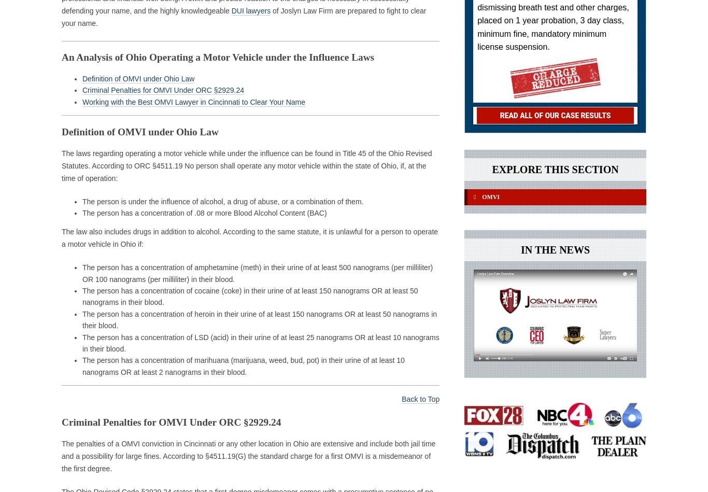 Image resolution: width=708 pixels, height=492 pixels. What do you see at coordinates (555, 254) in the screenshot?
I see `'In The News'` at bounding box center [555, 254].